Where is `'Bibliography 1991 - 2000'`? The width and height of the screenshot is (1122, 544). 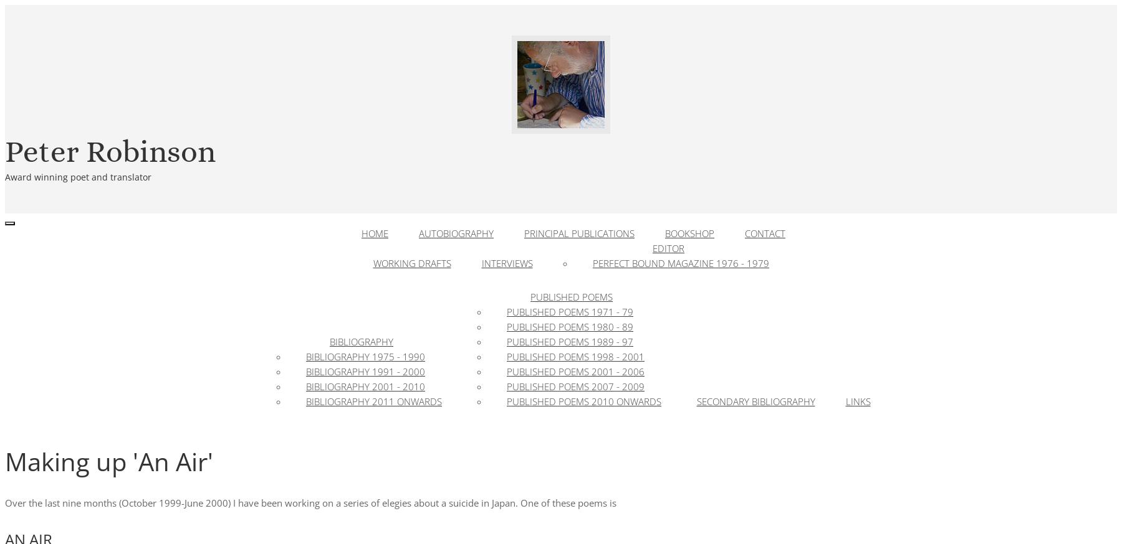 'Bibliography 1991 - 2000' is located at coordinates (365, 371).